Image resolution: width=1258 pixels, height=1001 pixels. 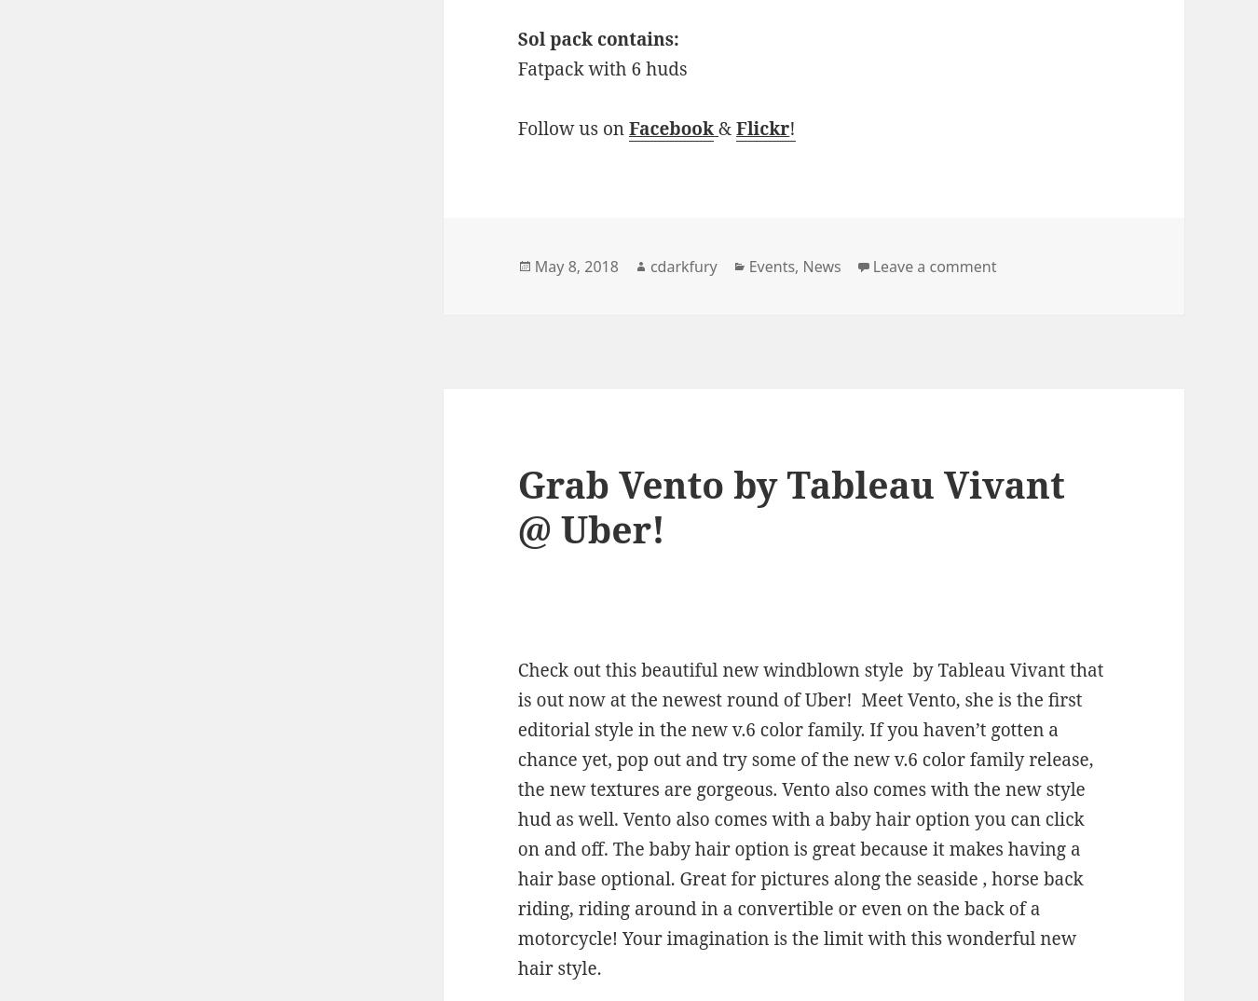 What do you see at coordinates (810, 817) in the screenshot?
I see `'Check out this beautiful new windblown style  by Tableau Vivant that is out now at the newest round of Uber!  Meet Vento, she is the first editorial style in the new v.6 color family. If you haven’t gotten a chance yet, pop out and try some of the new v.6 color family release, the new textures are gorgeous. Vento also comes with the new style hud as well. Vento also comes with a baby hair option you can click on and off. The baby hair option is great because it makes having a hair base optional. Great for pictures along the seaside , horse back riding, riding around in a convertible or even on the back of a motorcycle! Your imagination is the limit with this wonderful new hair style.'` at bounding box center [810, 817].